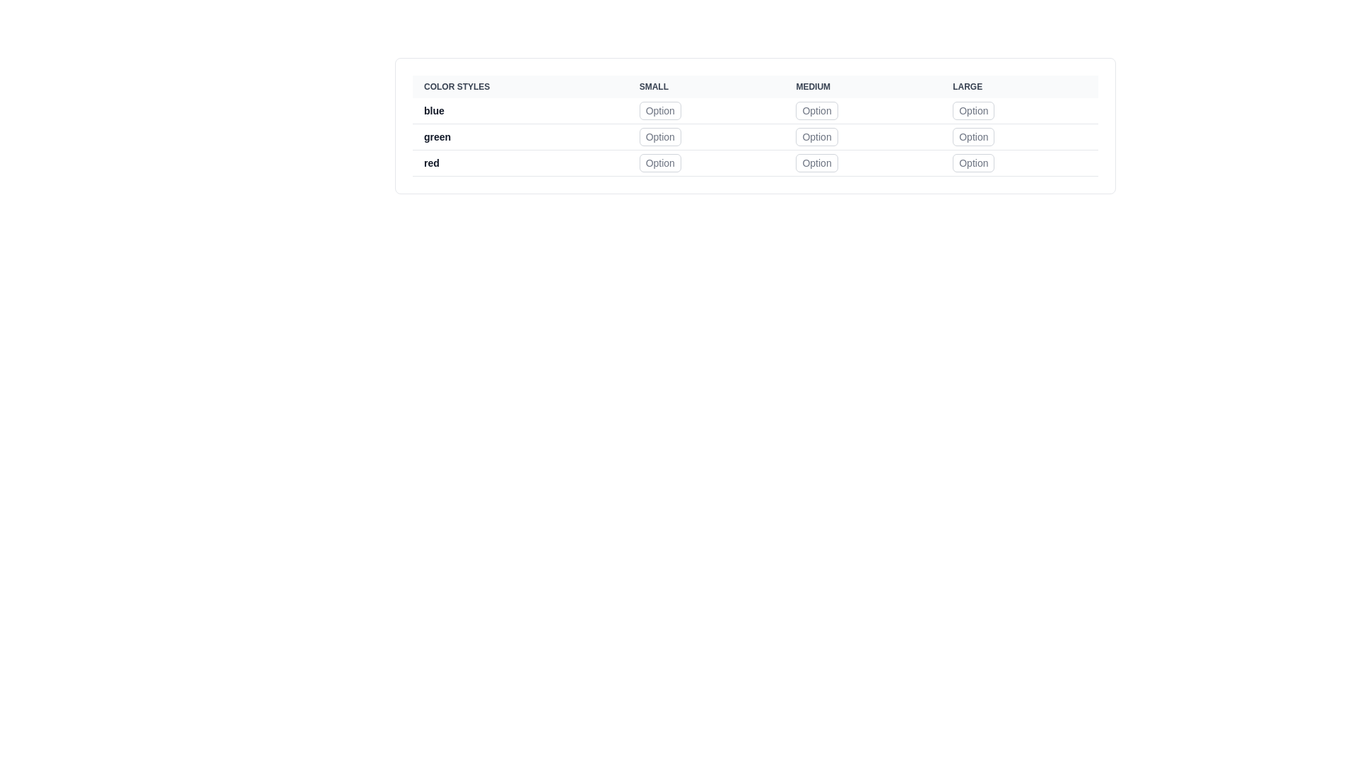 The width and height of the screenshot is (1357, 763). What do you see at coordinates (973, 110) in the screenshot?
I see `the rectangular button labeled 'Option' with a light blue background and gray border, located in the last column under 'LARGE' heading, first row aligned with 'blue'` at bounding box center [973, 110].